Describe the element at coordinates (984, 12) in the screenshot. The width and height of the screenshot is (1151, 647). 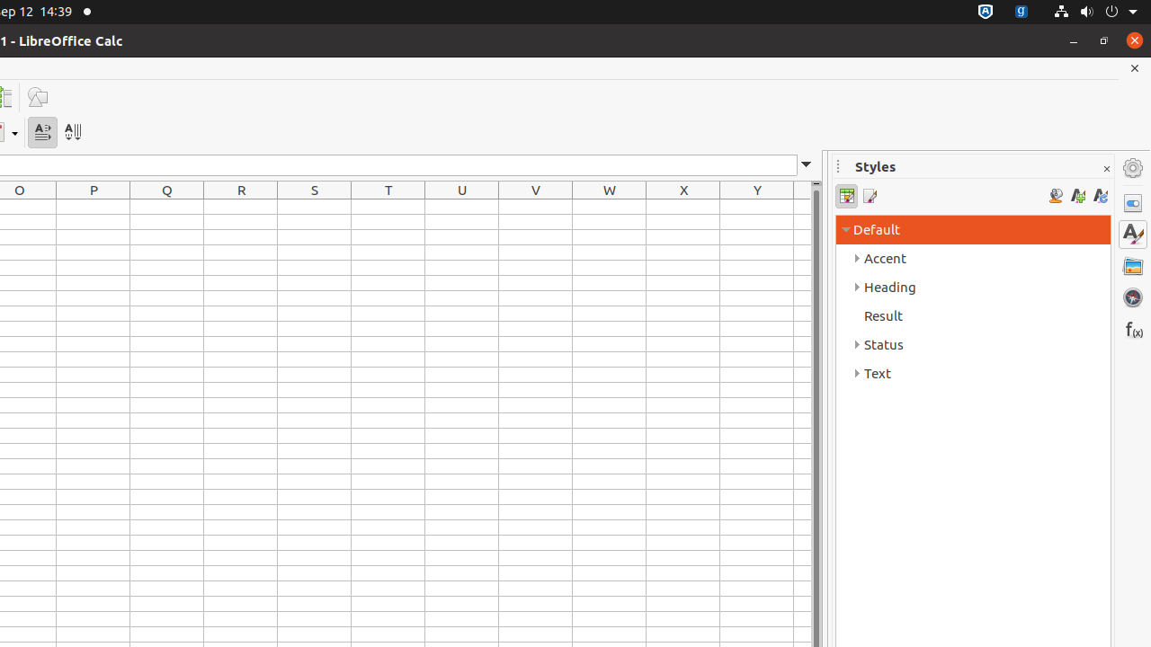
I see `':1.72/StatusNotifierItem'` at that location.